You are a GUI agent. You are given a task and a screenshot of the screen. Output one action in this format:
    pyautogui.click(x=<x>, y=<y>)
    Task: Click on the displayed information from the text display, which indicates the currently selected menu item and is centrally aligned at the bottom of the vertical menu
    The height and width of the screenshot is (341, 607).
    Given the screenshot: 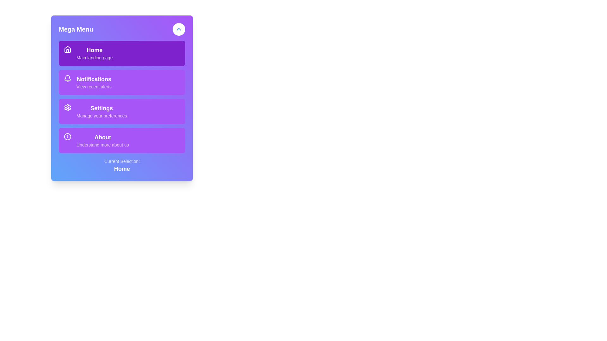 What is the action you would take?
    pyautogui.click(x=122, y=165)
    